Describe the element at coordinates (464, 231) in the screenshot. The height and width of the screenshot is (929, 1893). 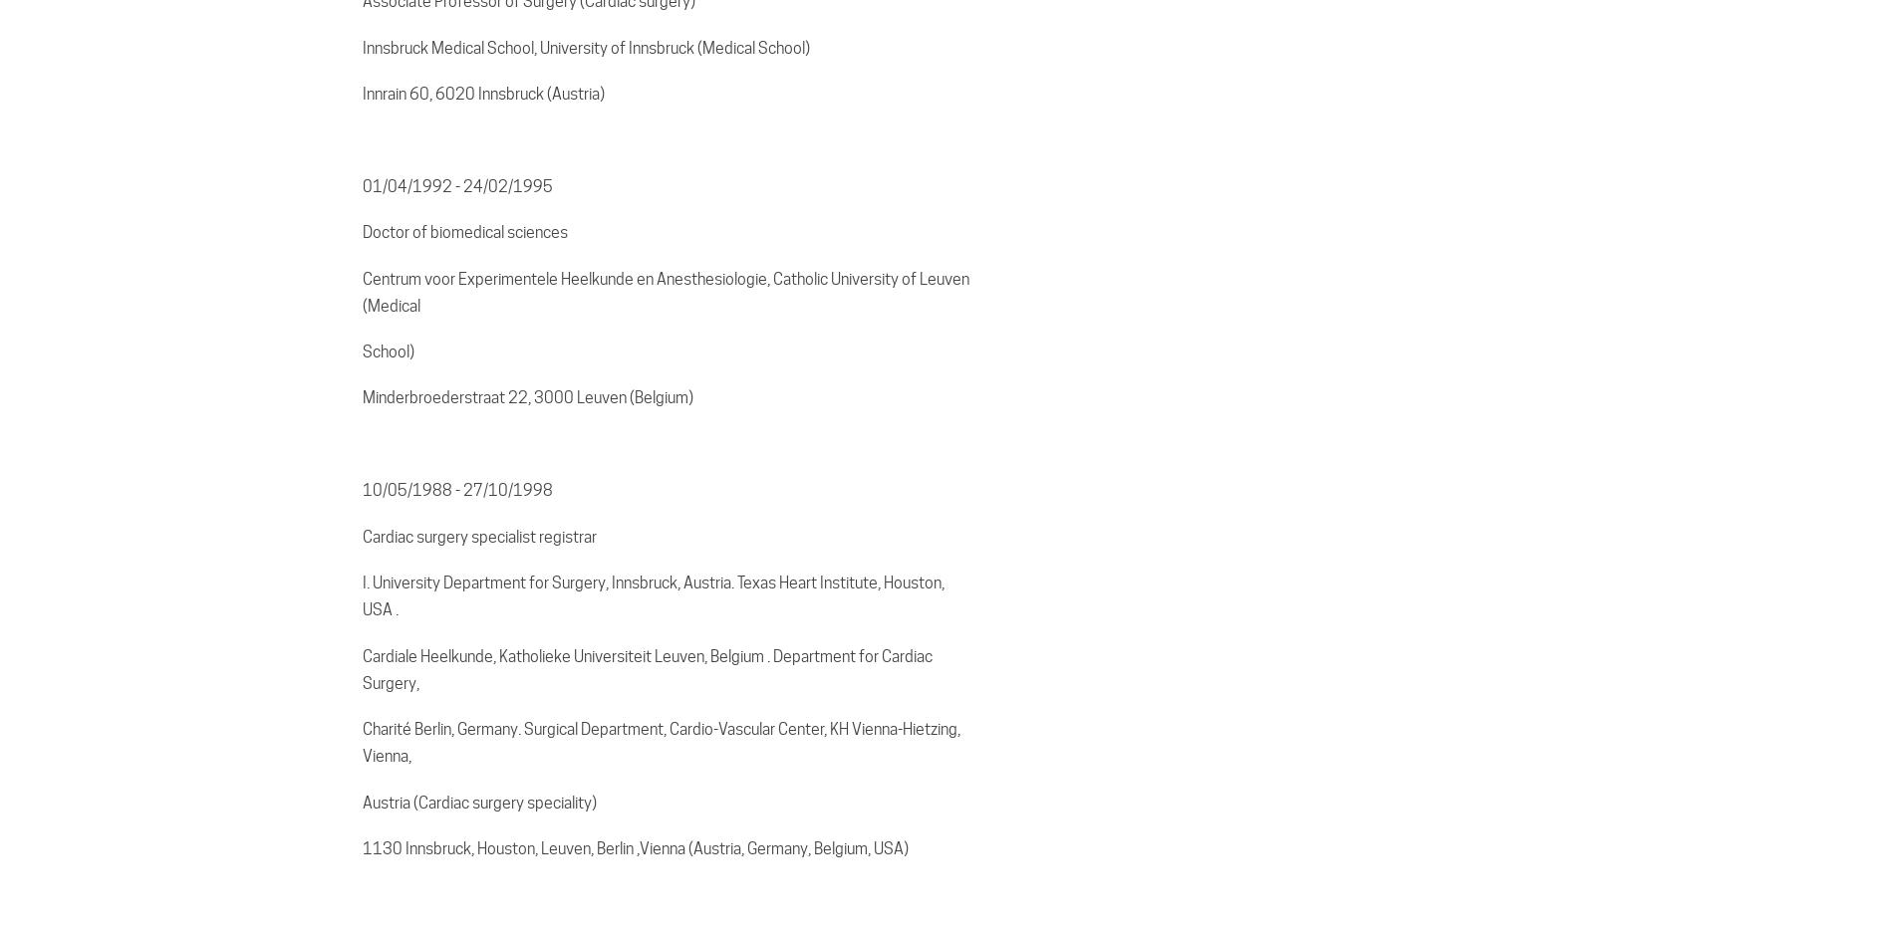
I see `'Doctor of biomedical sciences'` at that location.